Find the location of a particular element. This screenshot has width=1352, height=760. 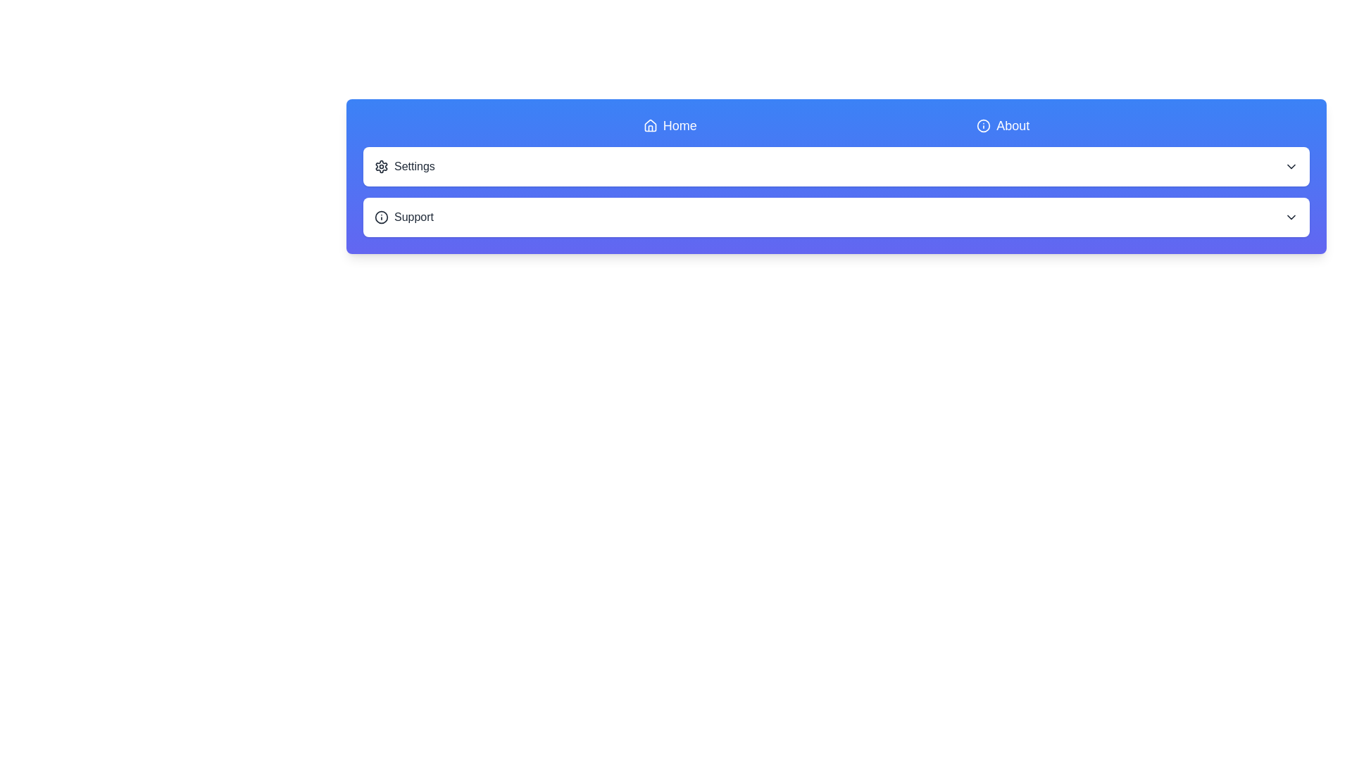

the information icon associated with the 'Support' option located to the left of the 'Support' text in the menu layout is located at coordinates (382, 217).